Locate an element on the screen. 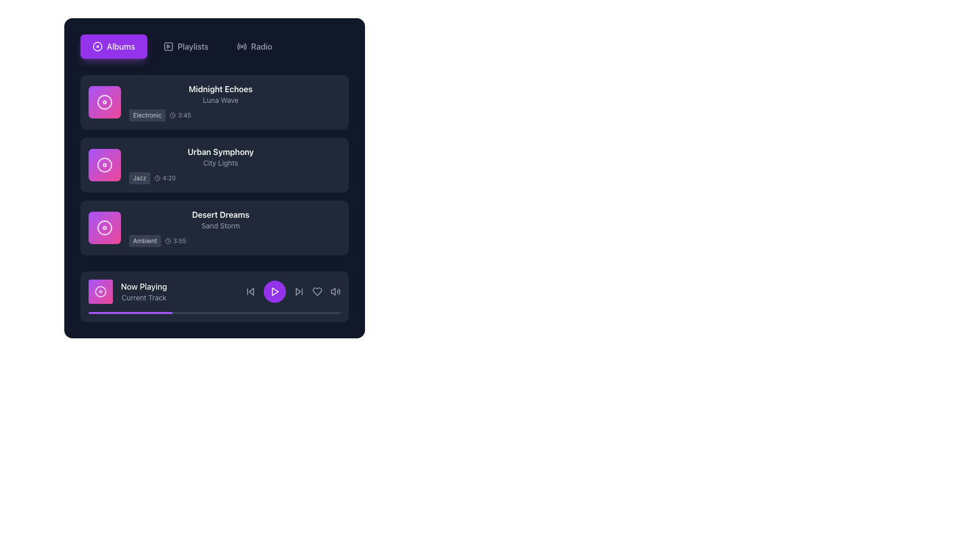 The image size is (972, 547). the Progress Bar located at the bottom of the 'Now Playing' section, which has a medium-gray background and a purple progress segment is located at coordinates (214, 312).